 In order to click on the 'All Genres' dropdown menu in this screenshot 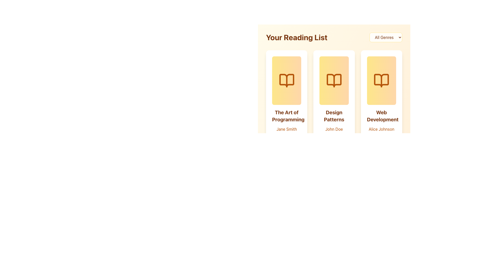, I will do `click(386, 37)`.